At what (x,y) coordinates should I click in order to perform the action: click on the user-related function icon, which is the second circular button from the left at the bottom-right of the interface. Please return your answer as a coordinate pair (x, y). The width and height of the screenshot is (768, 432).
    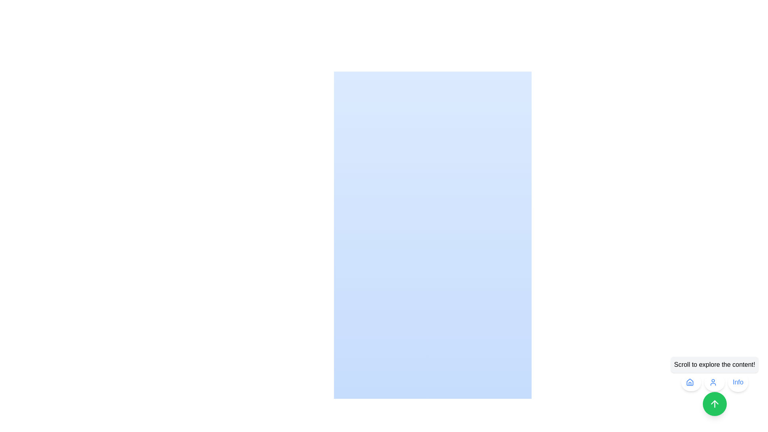
    Looking at the image, I should click on (713, 382).